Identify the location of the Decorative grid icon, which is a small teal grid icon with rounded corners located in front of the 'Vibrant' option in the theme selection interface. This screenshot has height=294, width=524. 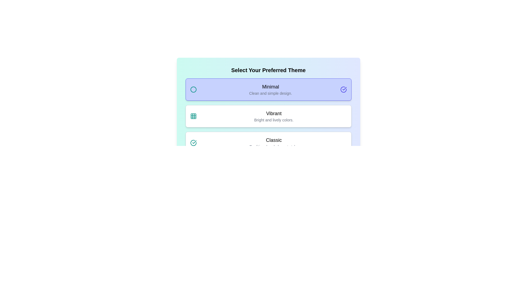
(193, 116).